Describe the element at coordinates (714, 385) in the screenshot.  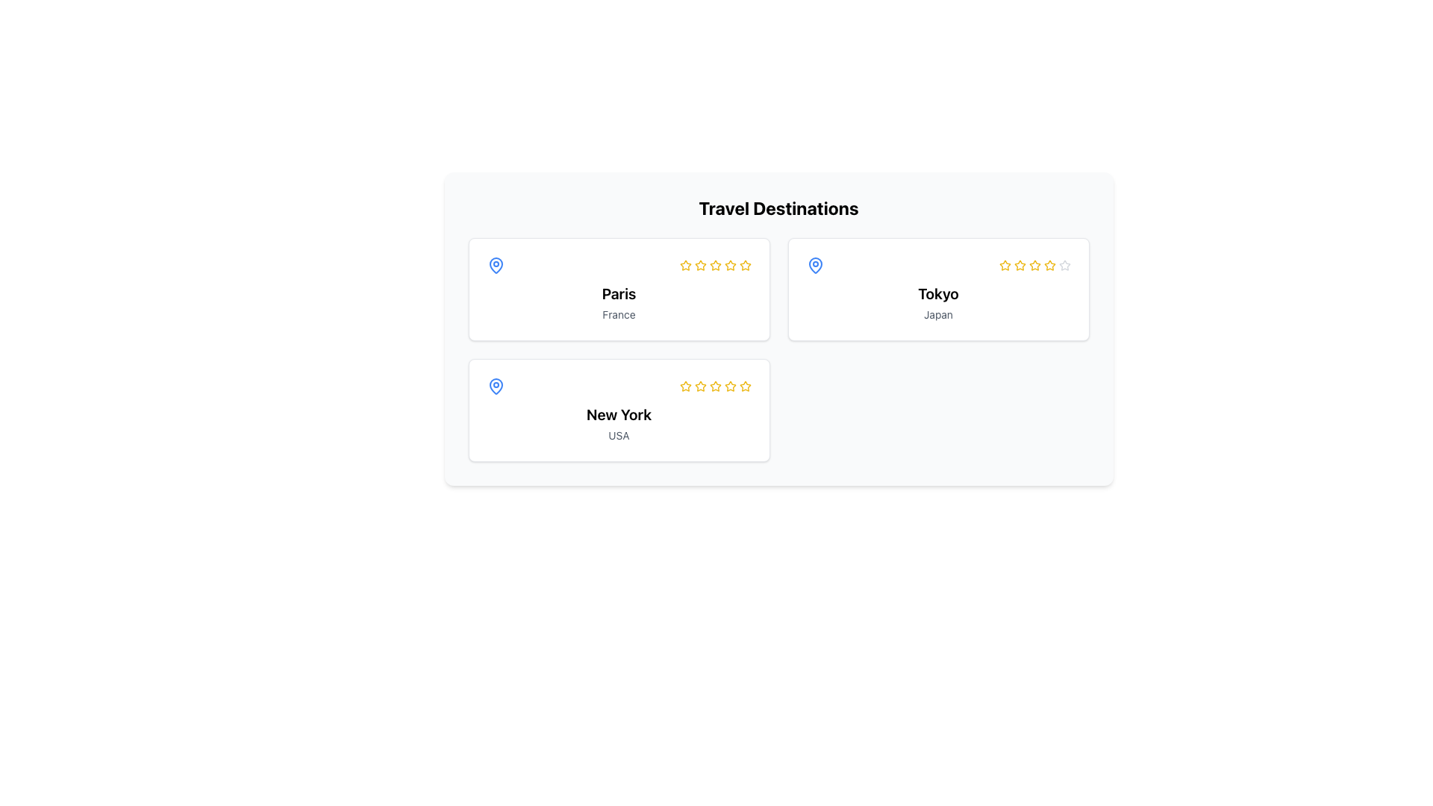
I see `the fifth star icon in the rating system under the 'Travel Destinations' section for 'New York, USA'` at that location.